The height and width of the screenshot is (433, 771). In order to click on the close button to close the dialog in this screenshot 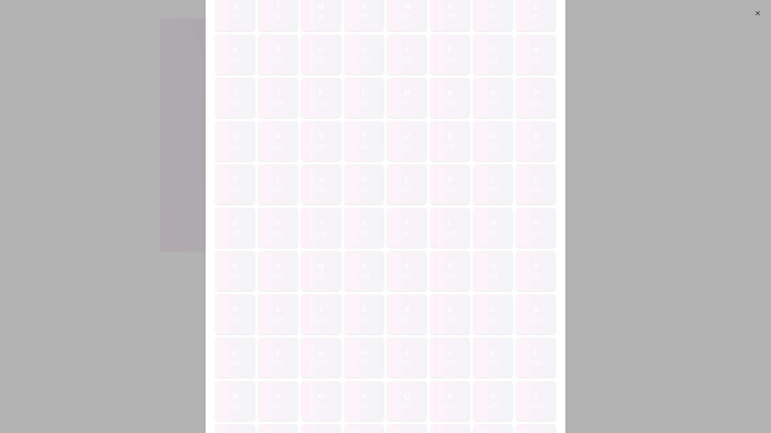, I will do `click(757, 13)`.